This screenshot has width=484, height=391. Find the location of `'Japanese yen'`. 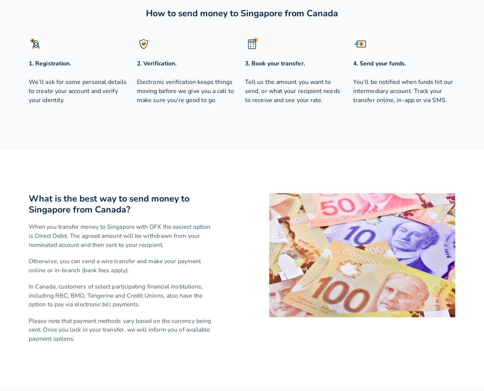

'Japanese yen' is located at coordinates (51, 245).